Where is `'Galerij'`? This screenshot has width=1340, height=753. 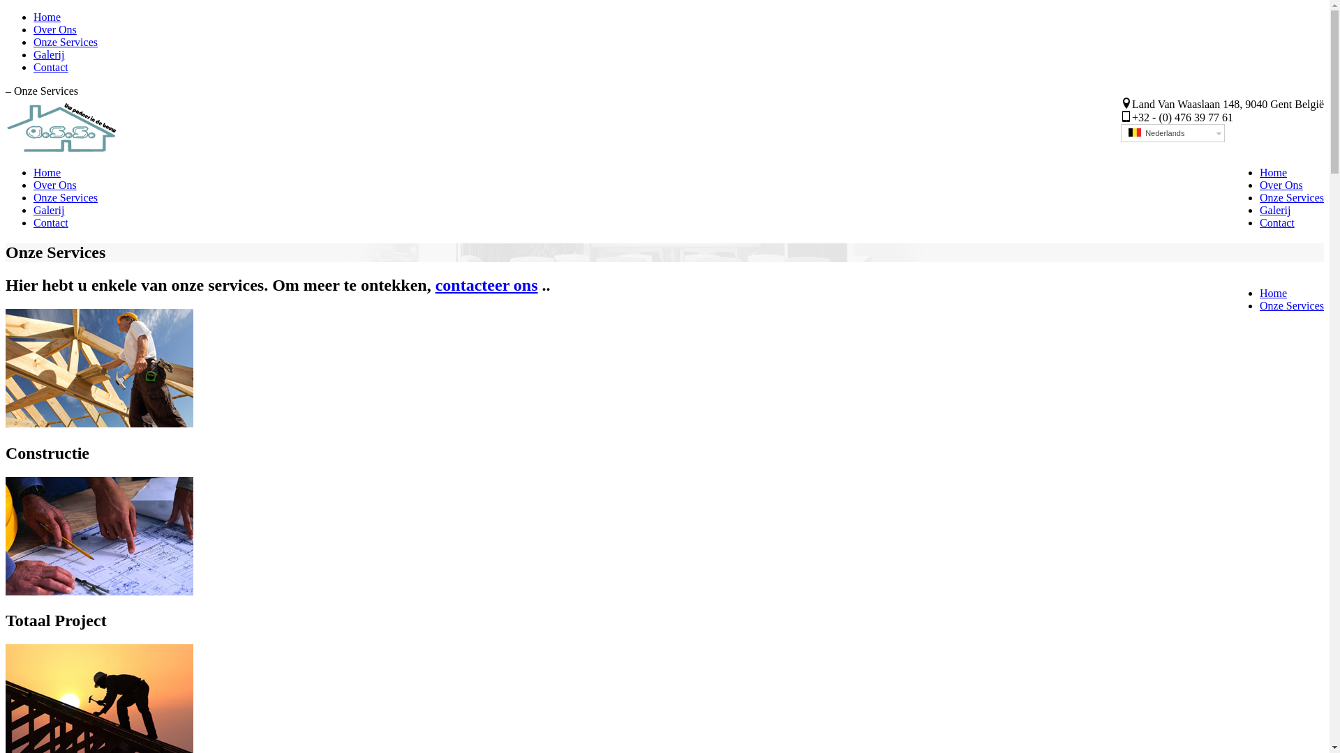
'Galerij' is located at coordinates (1259, 210).